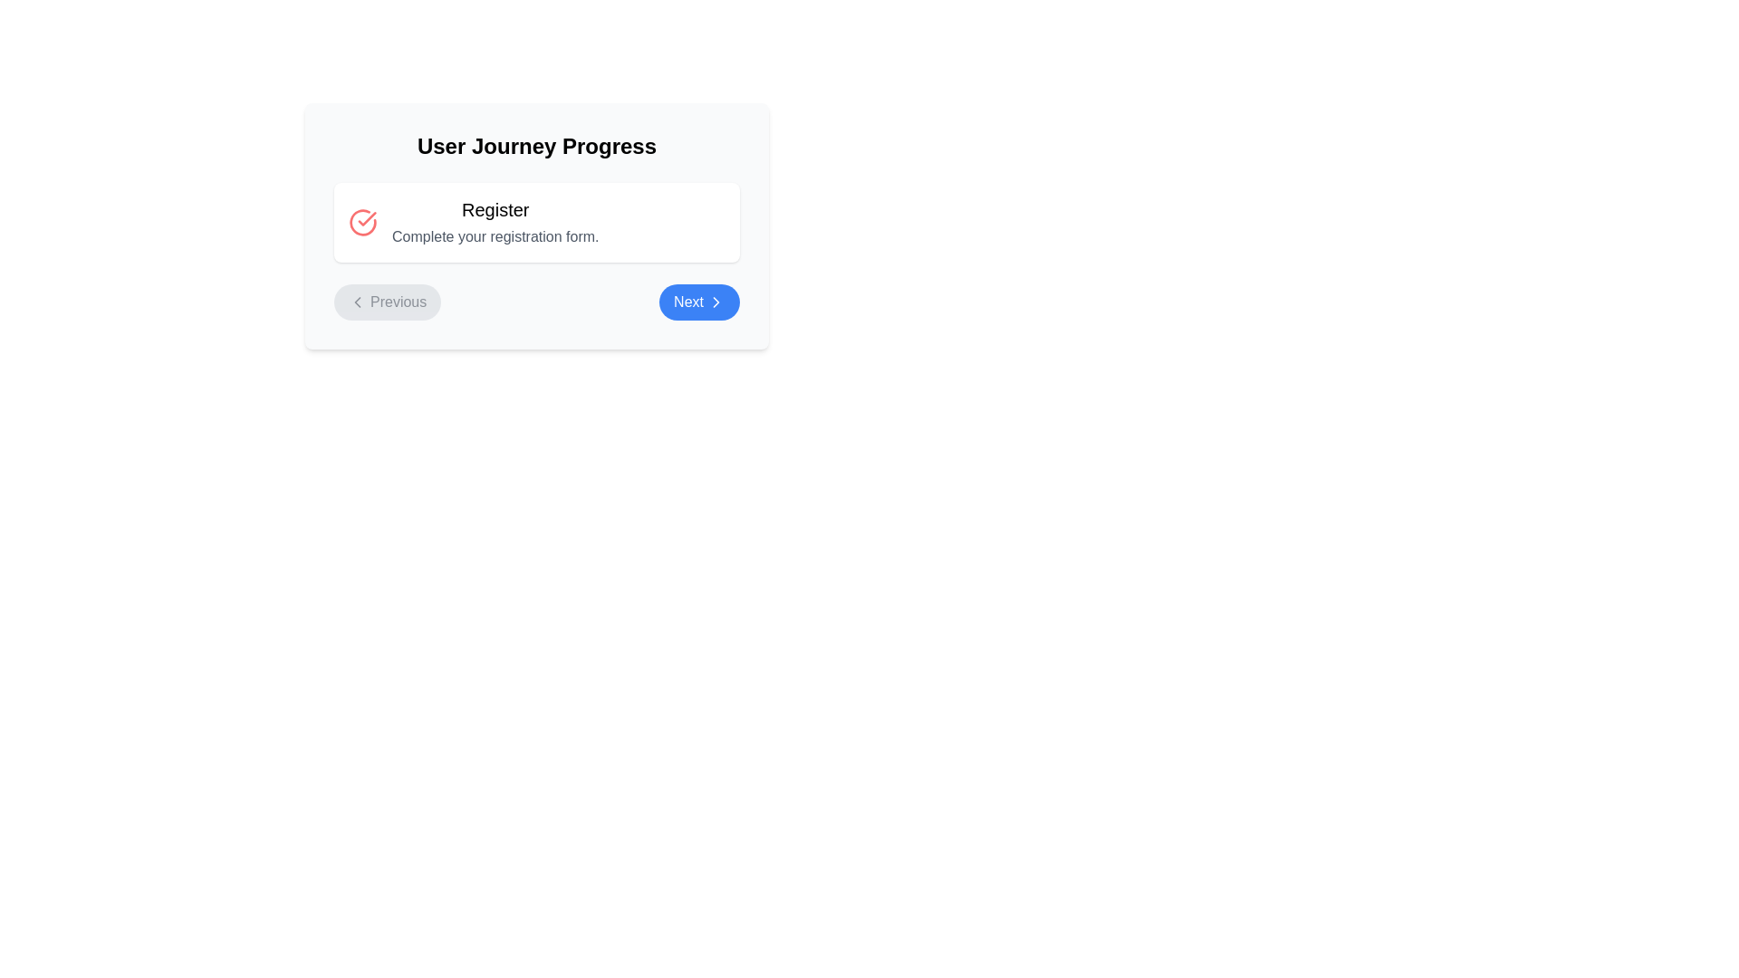 The image size is (1739, 978). I want to click on the header titled 'User Journey Progress', which is styled in bold and centrally aligned at the top of the section, so click(536, 146).